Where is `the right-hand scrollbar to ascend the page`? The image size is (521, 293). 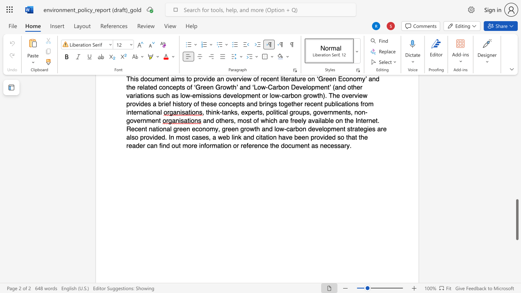 the right-hand scrollbar to ascend the page is located at coordinates (517, 183).